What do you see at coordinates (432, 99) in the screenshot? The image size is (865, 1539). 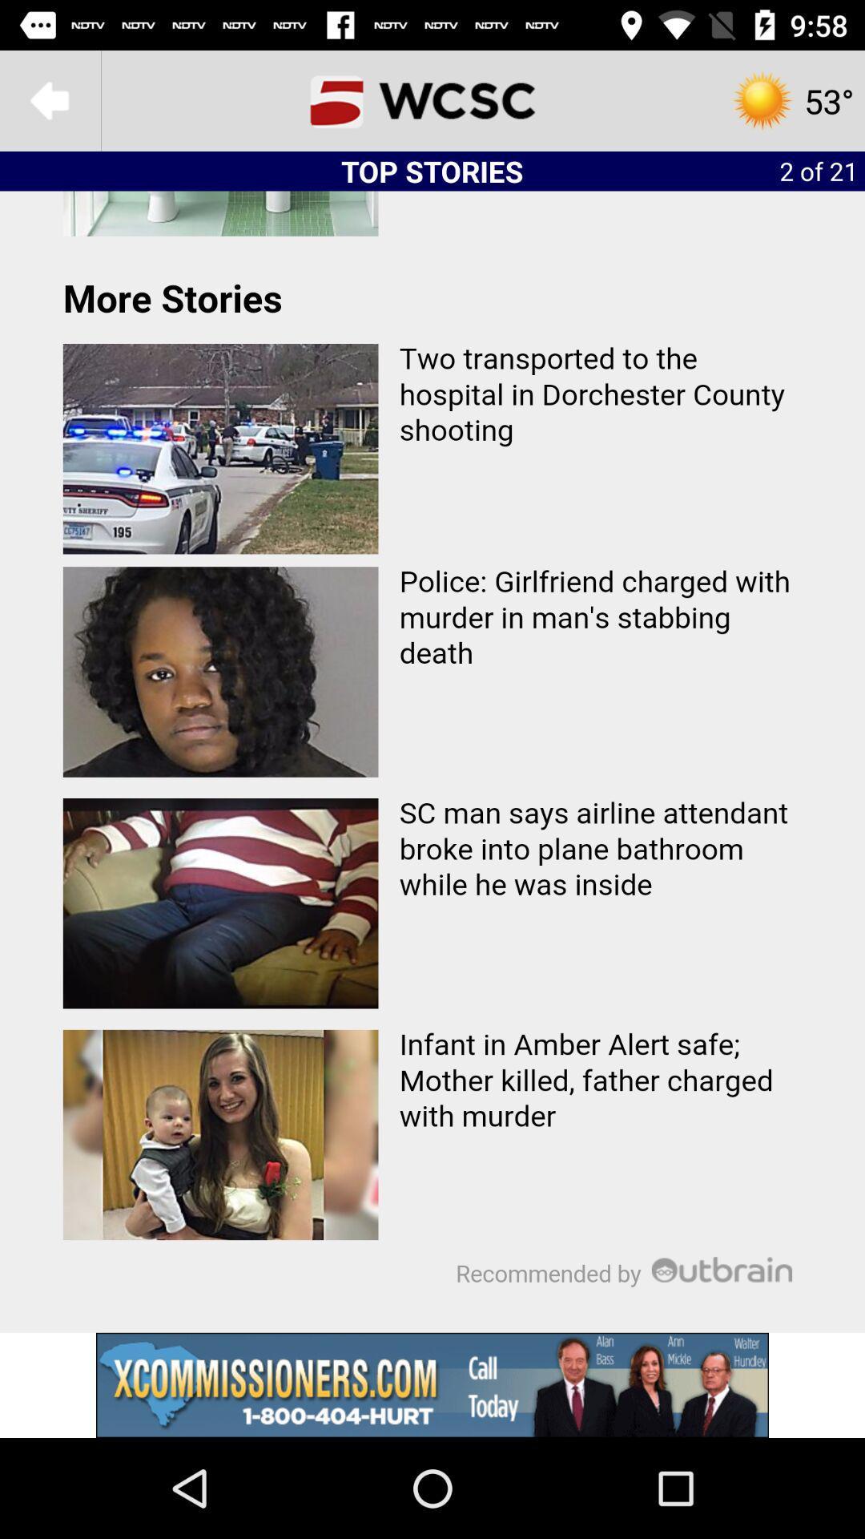 I see `icon to the left of the 2 of 21 icon` at bounding box center [432, 99].